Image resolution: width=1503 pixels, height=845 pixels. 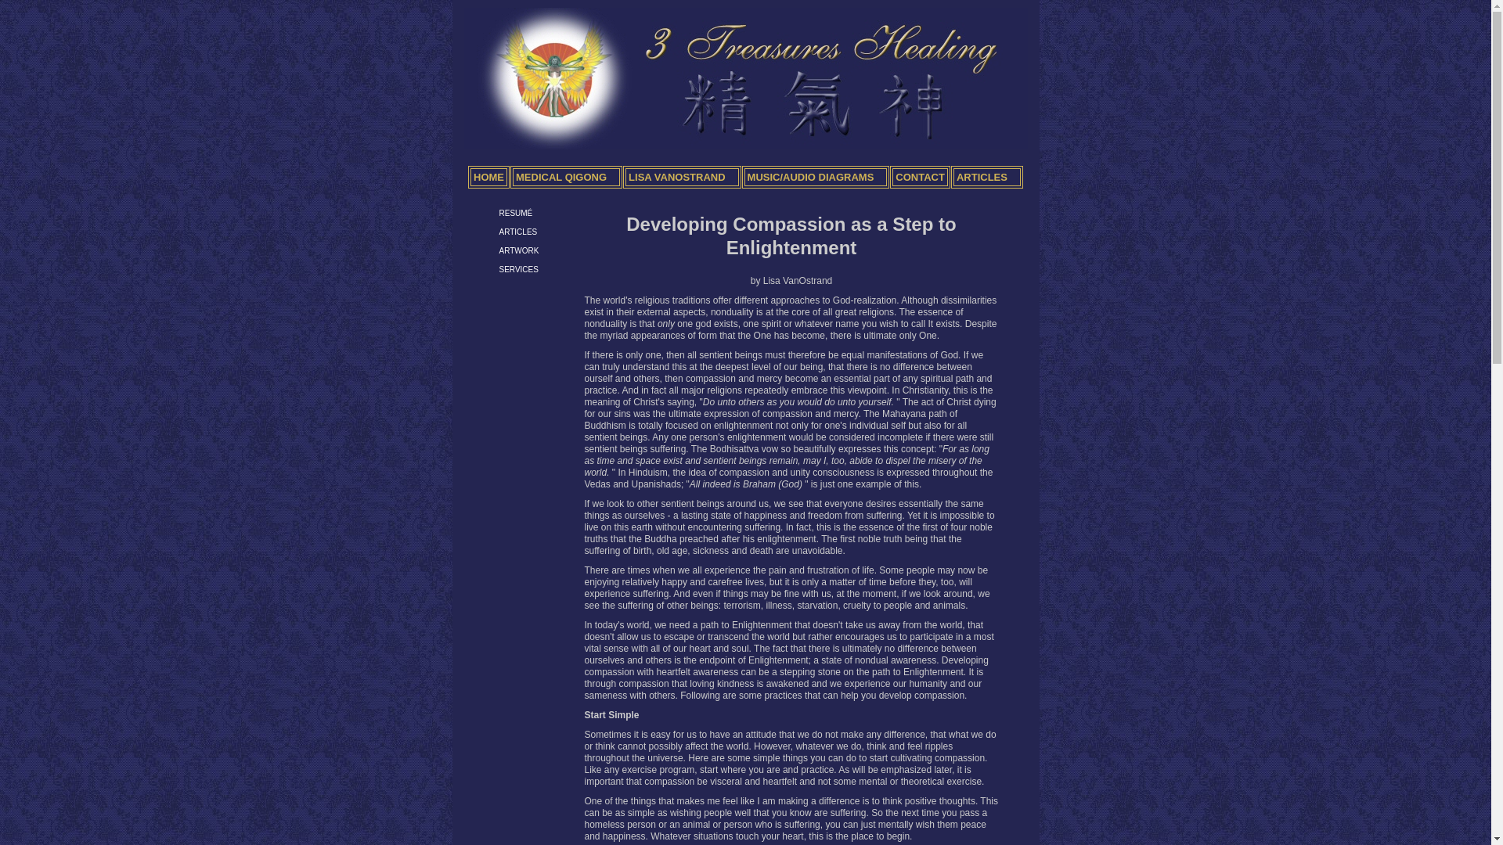 What do you see at coordinates (682, 176) in the screenshot?
I see `'LISA VANOSTRAND'` at bounding box center [682, 176].